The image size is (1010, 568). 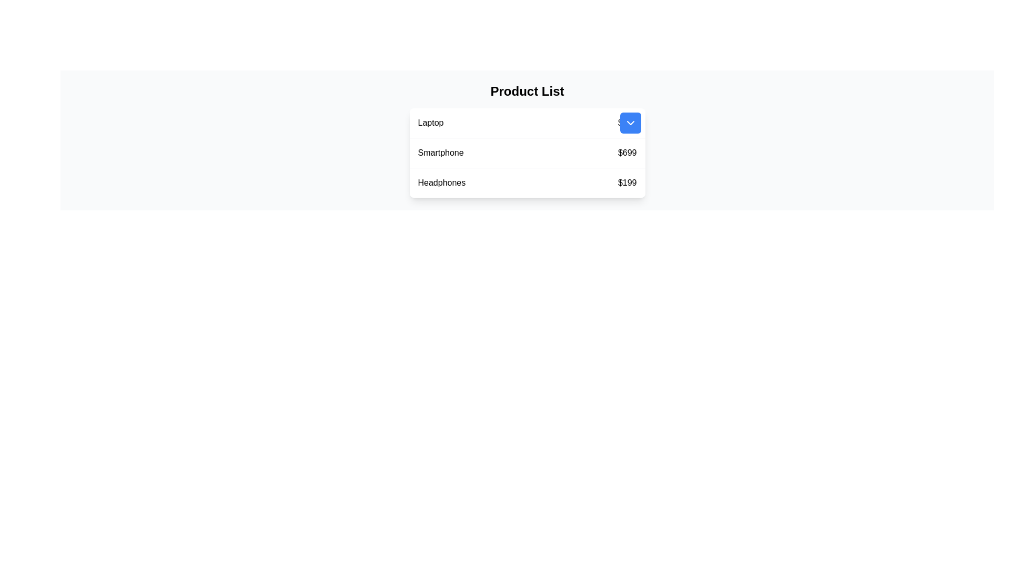 I want to click on text label indicating the product name located in the third row of the product list, adjacent to the price information '$199', so click(x=441, y=182).